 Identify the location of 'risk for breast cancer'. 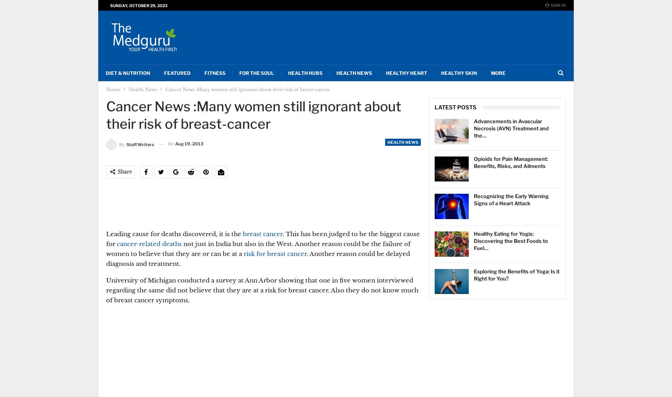
(243, 253).